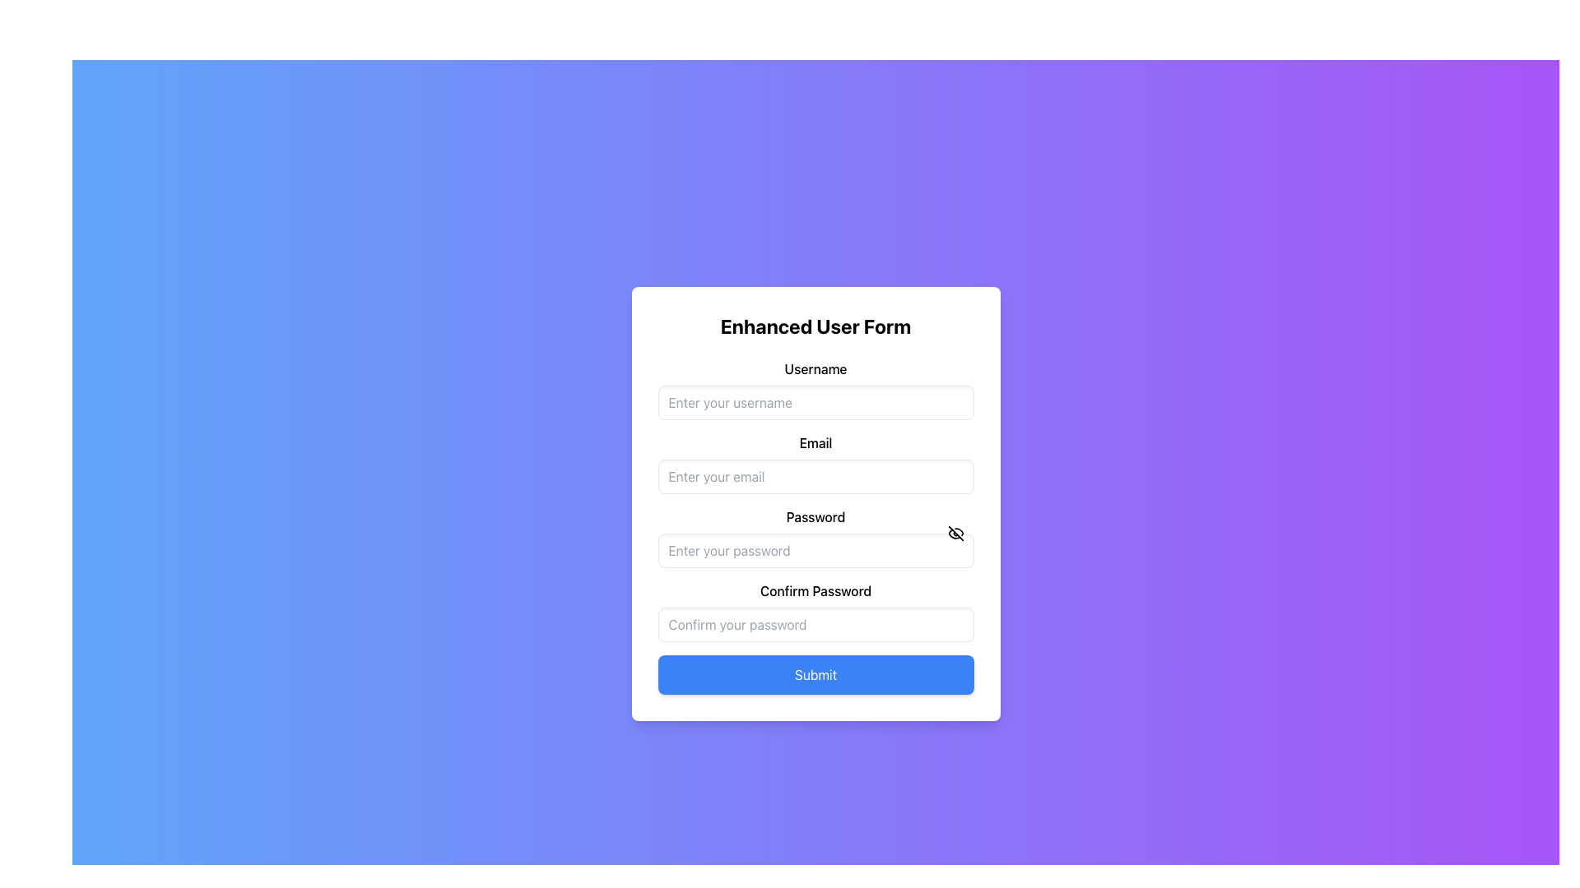 This screenshot has height=888, width=1580. Describe the element at coordinates (816, 516) in the screenshot. I see `the 'Password' label, which features bold black text on a white background, positioned above the password input field in the form section` at that location.